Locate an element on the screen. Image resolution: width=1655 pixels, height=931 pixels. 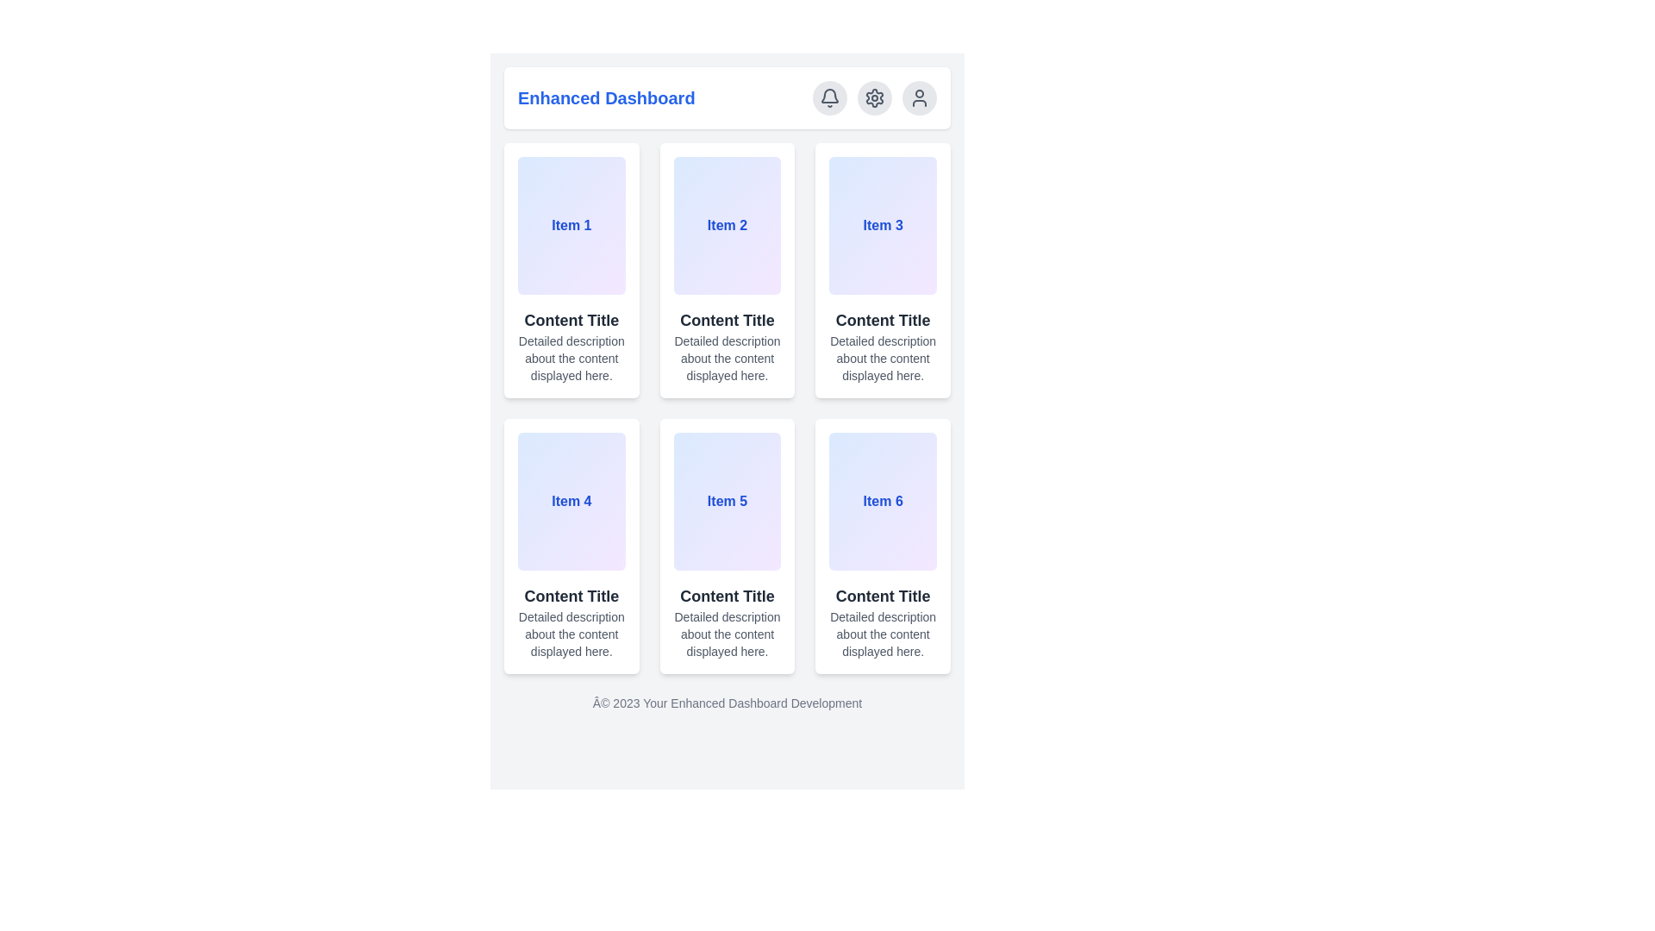
text of the title label located in the first card of the 3x2 grid under the 'Enhanced Dashboard' title is located at coordinates (571, 225).